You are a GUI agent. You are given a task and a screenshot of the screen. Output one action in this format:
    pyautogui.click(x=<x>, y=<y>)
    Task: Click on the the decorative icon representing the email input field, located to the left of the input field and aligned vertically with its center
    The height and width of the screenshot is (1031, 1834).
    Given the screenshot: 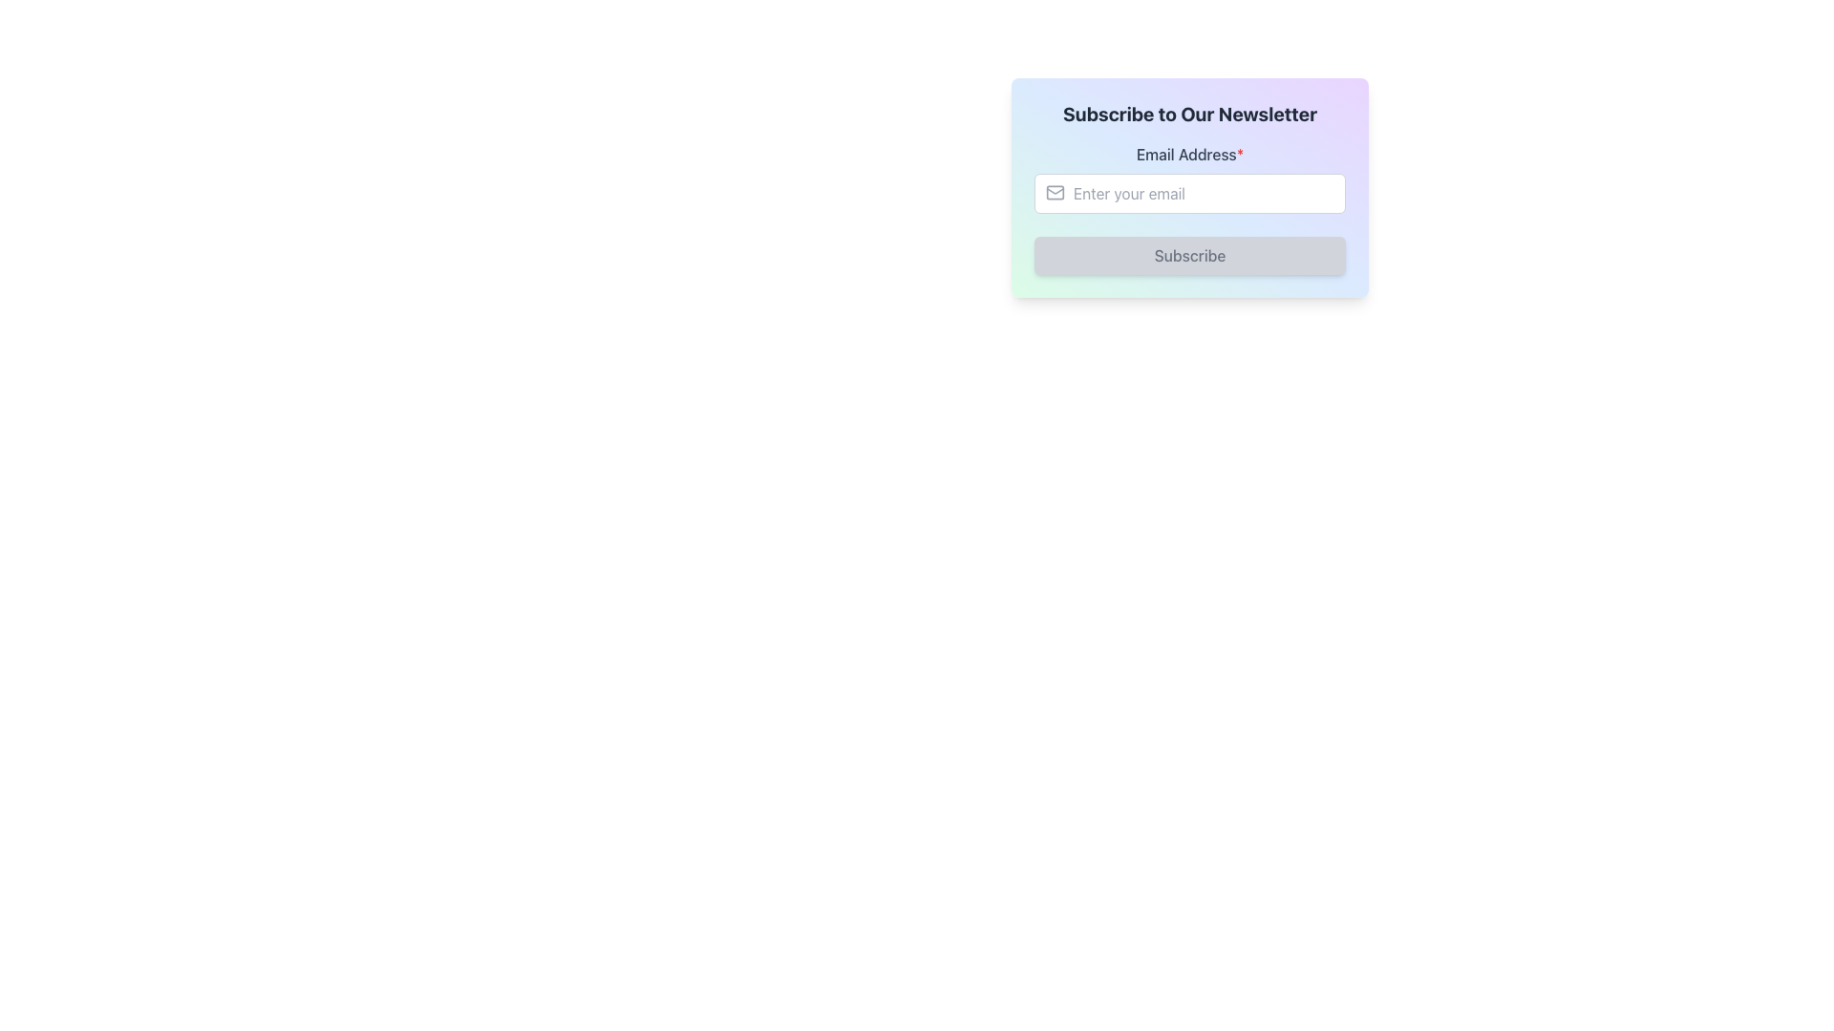 What is the action you would take?
    pyautogui.click(x=1054, y=192)
    